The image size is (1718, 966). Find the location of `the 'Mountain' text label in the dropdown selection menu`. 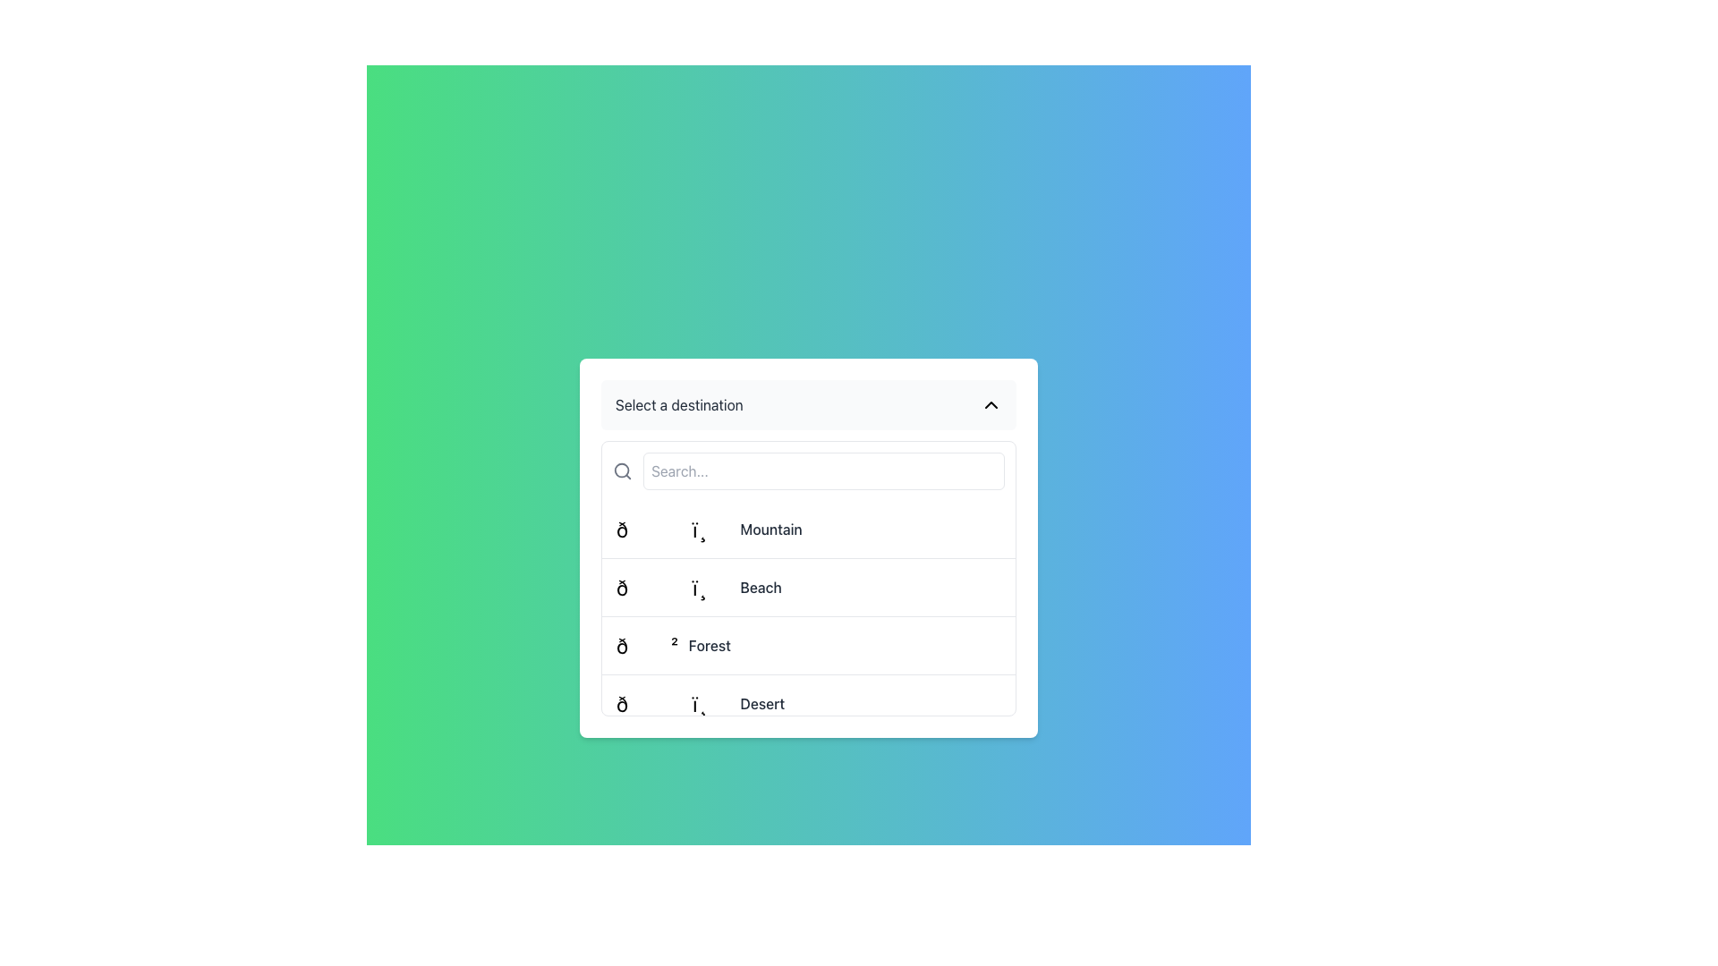

the 'Mountain' text label in the dropdown selection menu is located at coordinates (771, 528).